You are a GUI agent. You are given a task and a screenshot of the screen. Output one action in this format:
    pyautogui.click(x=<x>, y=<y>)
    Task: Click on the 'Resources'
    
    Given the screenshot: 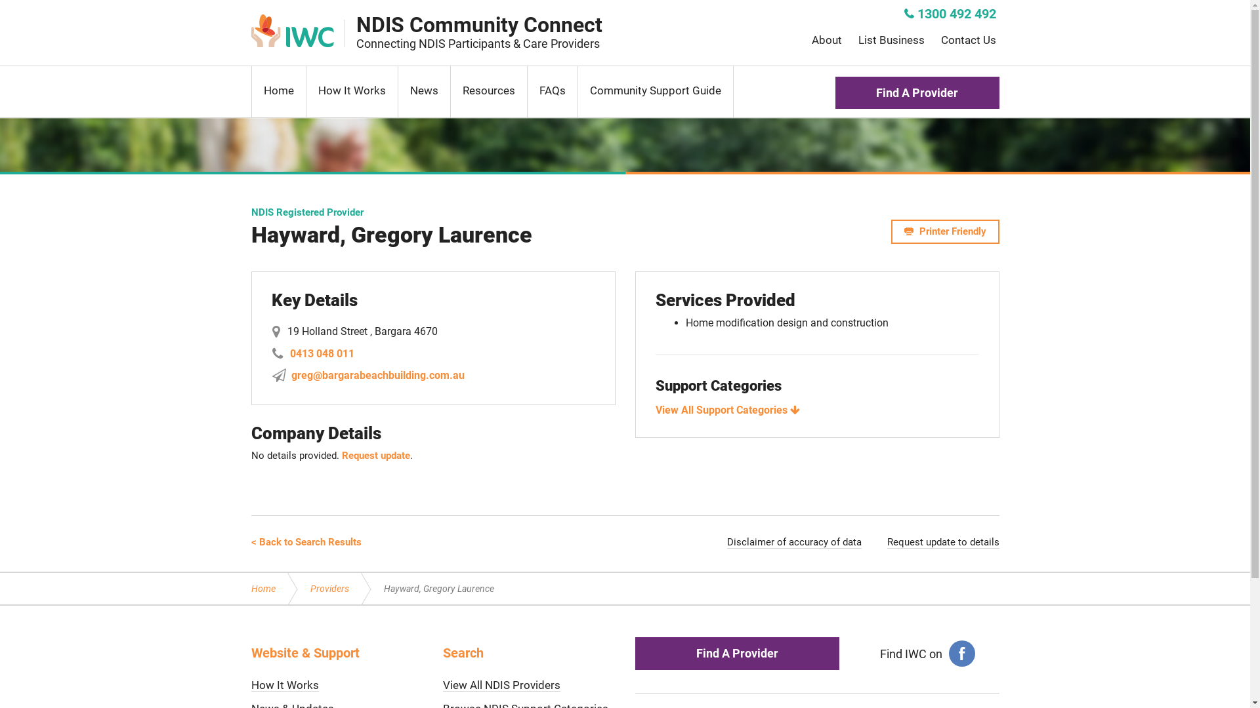 What is the action you would take?
    pyautogui.click(x=488, y=90)
    